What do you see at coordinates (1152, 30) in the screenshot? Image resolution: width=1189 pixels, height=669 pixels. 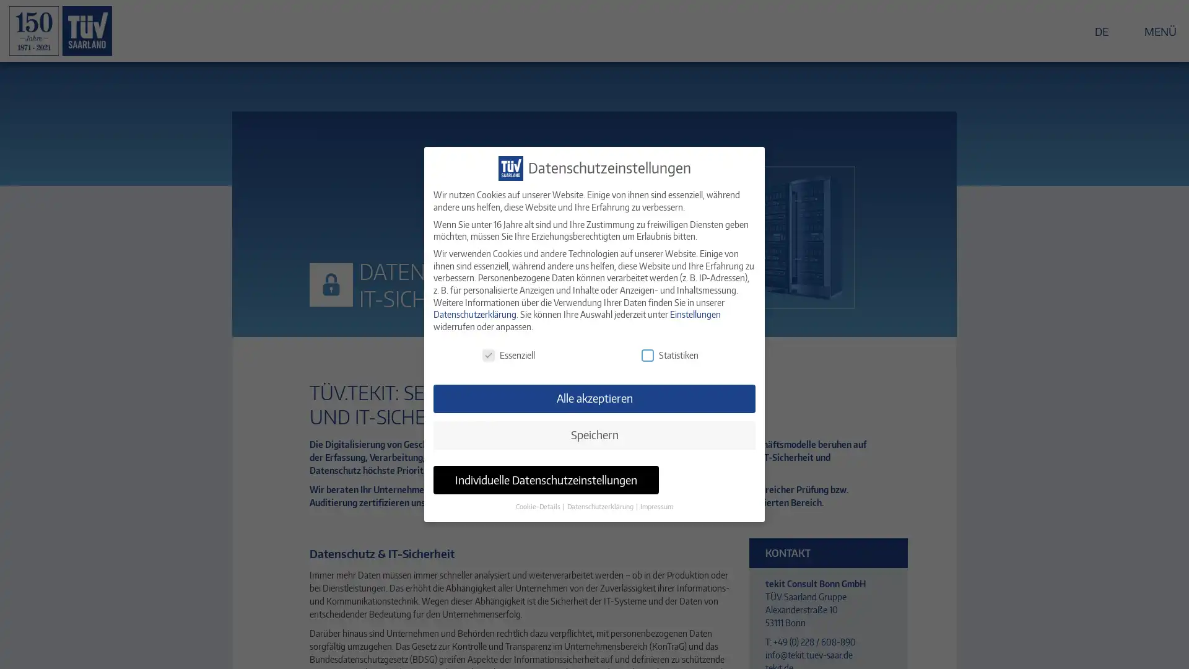 I see `MENU` at bounding box center [1152, 30].